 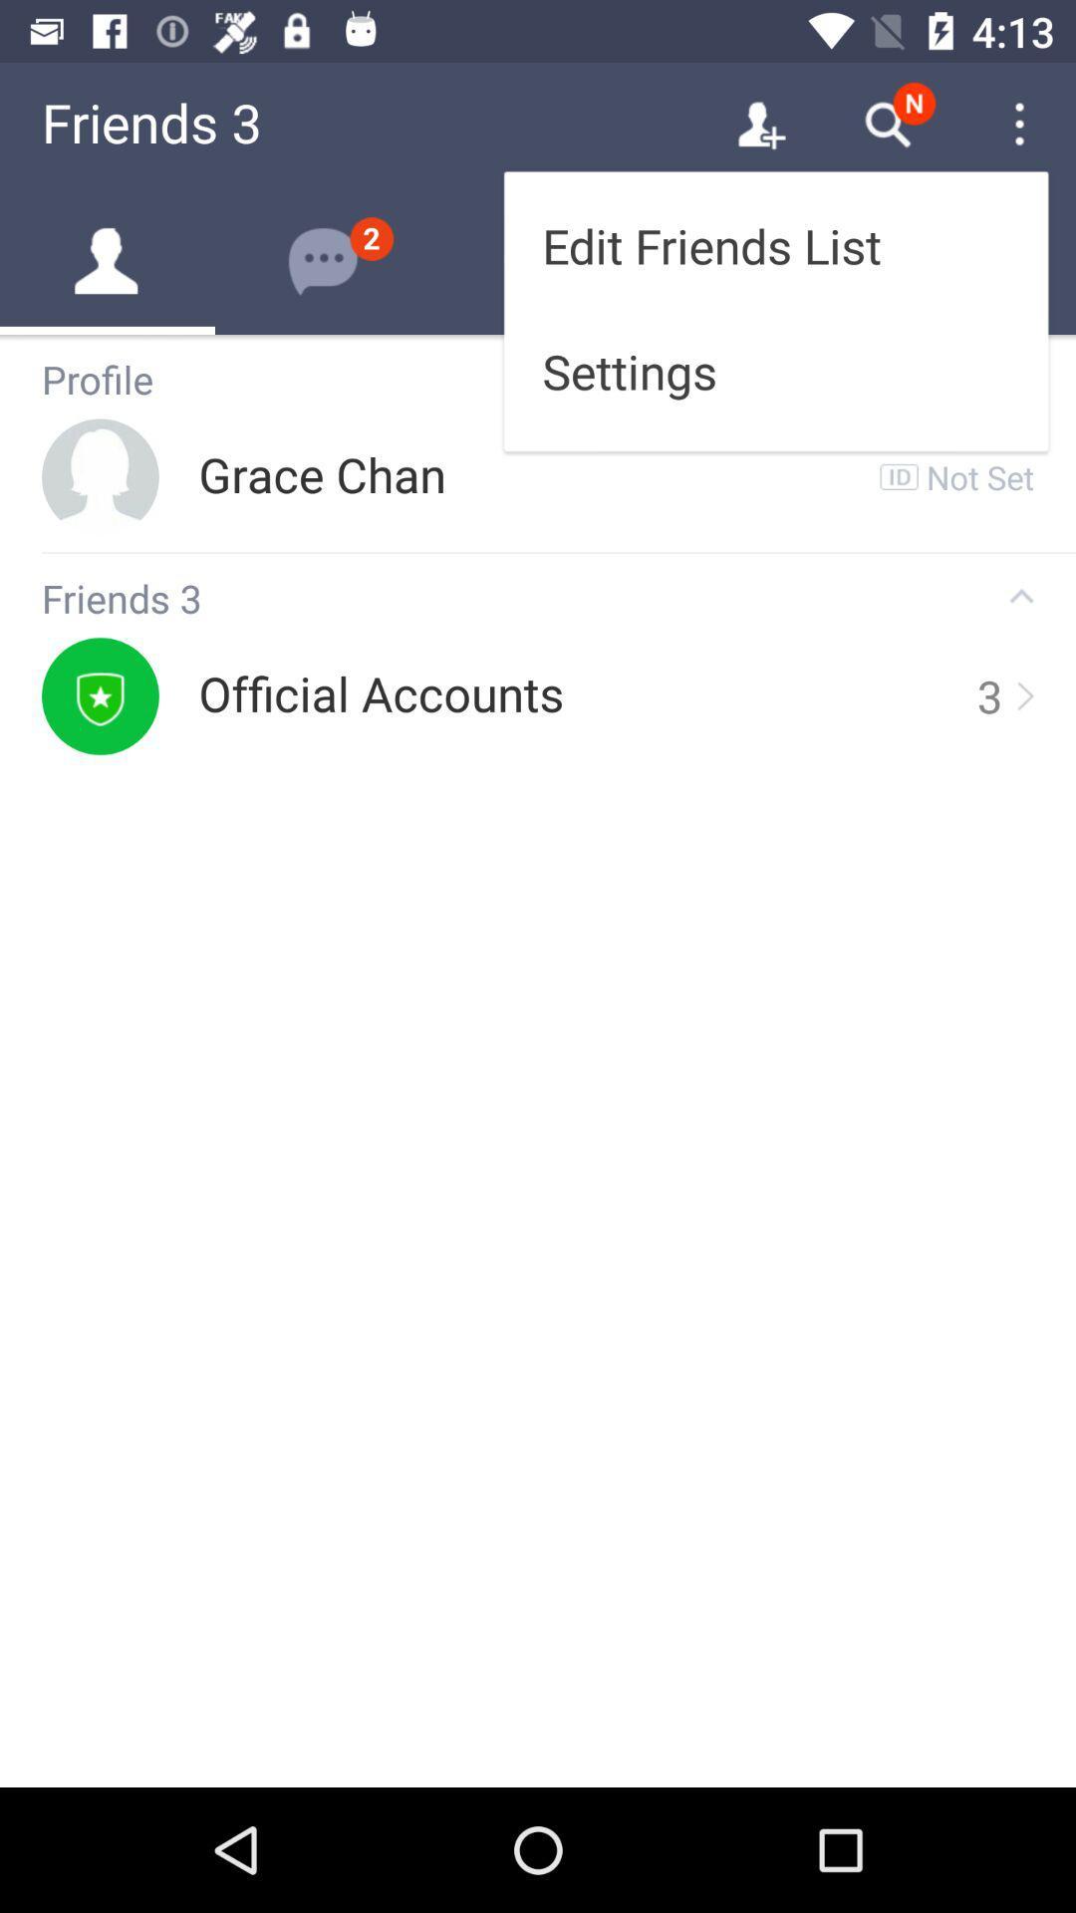 I want to click on the settings icon, so click(x=322, y=260).